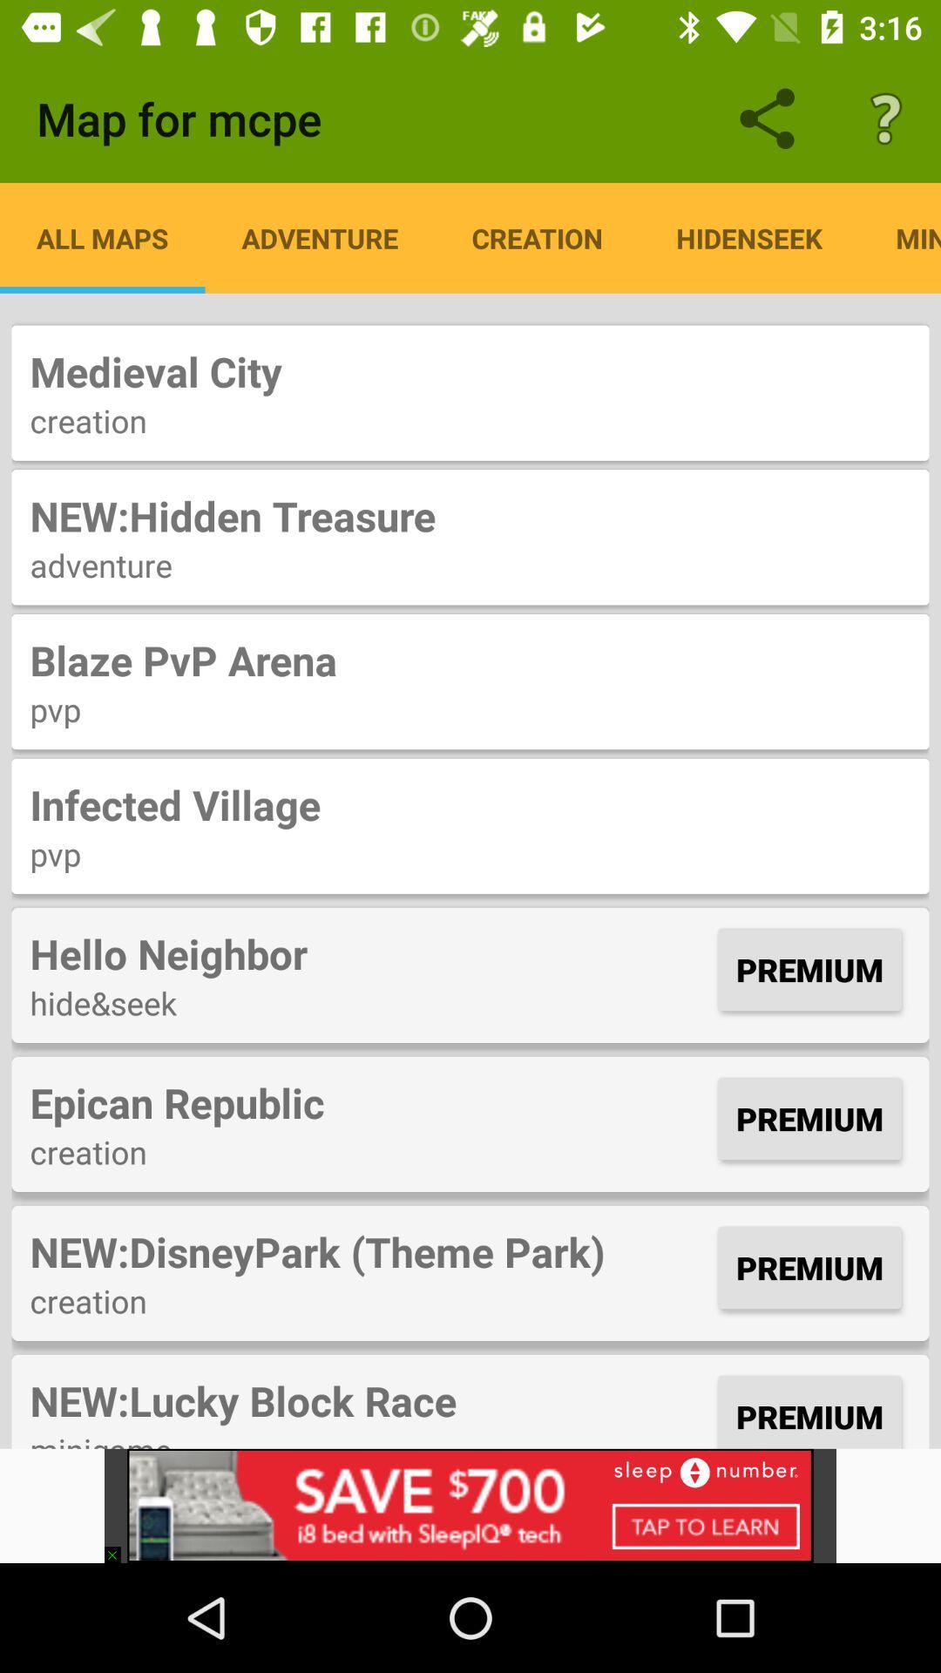 This screenshot has height=1673, width=941. I want to click on the item next to the premium item, so click(369, 1101).